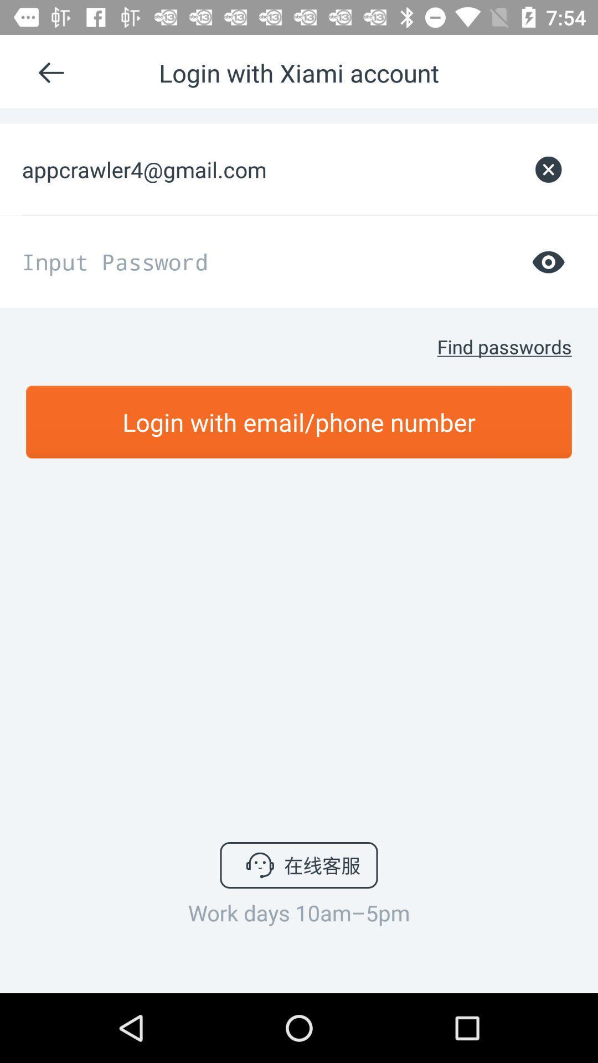  What do you see at coordinates (260, 865) in the screenshot?
I see `the icon mention in button at bottom center of the page` at bounding box center [260, 865].